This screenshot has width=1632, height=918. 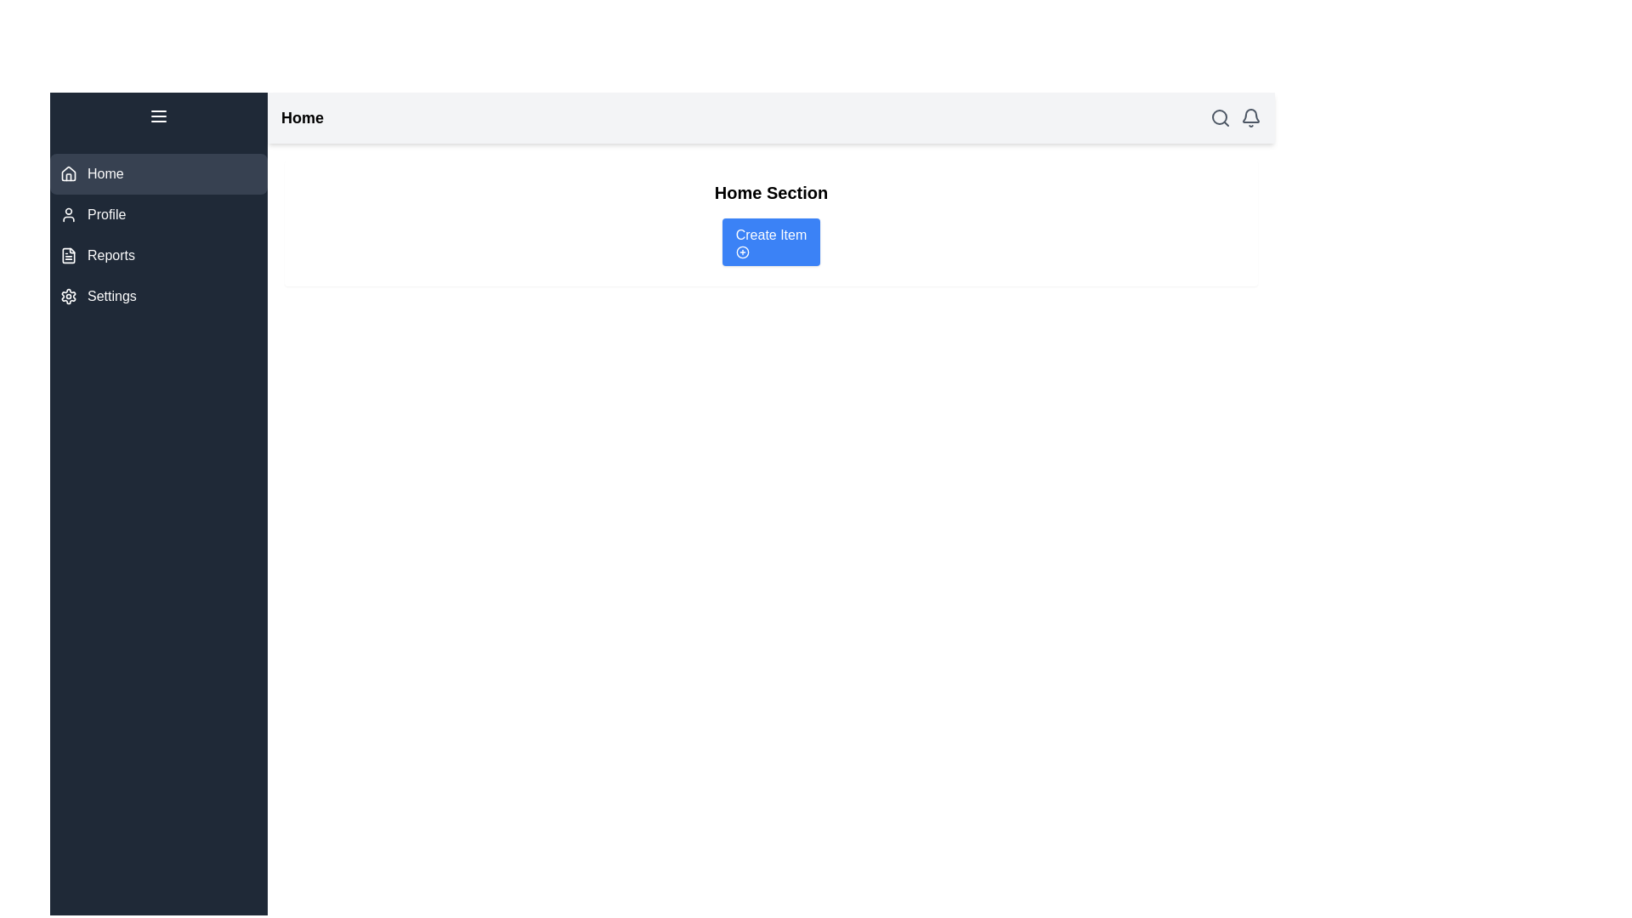 I want to click on the 'Home' text label in the vertical navigation menu, so click(x=105, y=173).